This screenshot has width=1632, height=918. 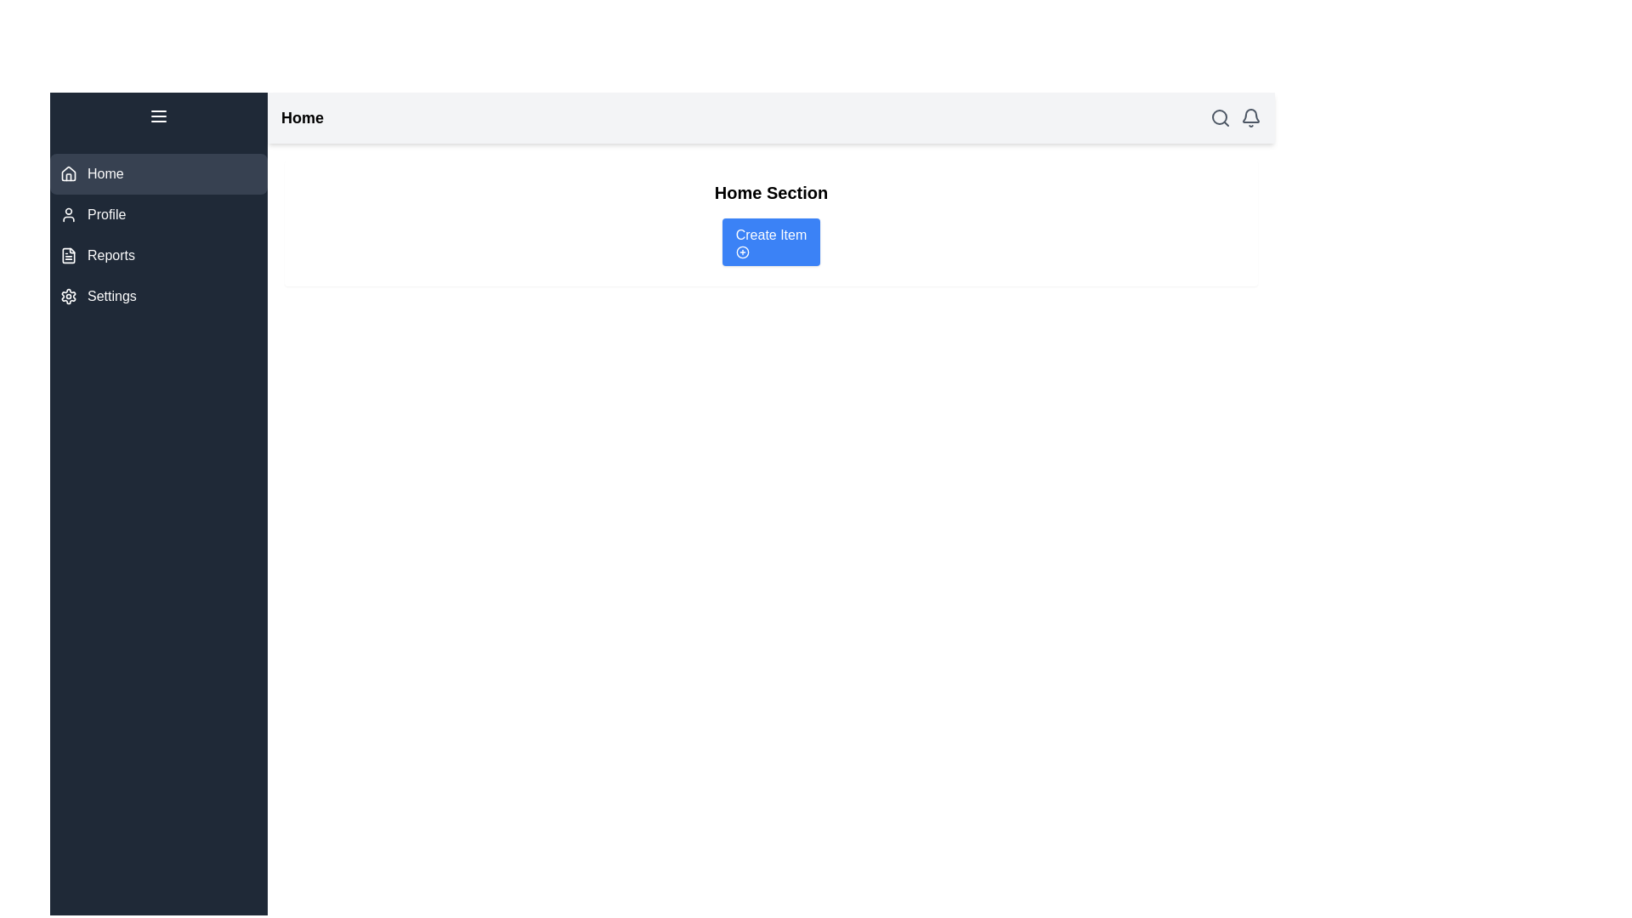 I want to click on the 'Home' text label in the vertical navigation menu, so click(x=105, y=173).